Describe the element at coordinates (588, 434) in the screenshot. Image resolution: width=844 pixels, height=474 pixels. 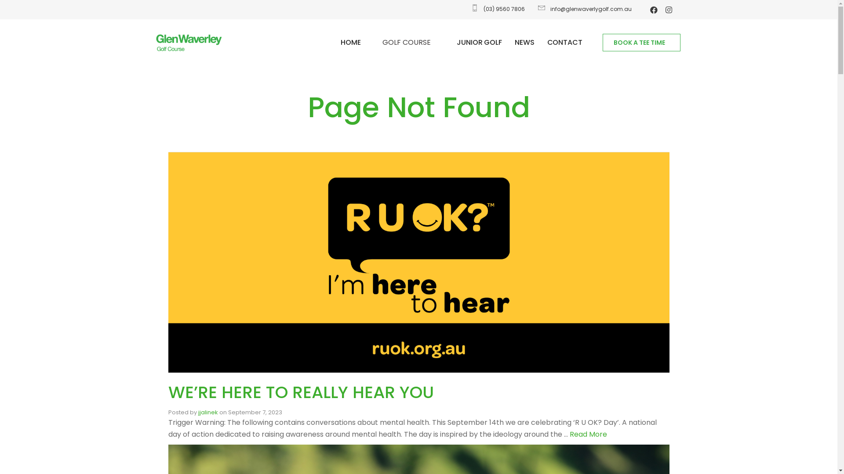
I see `'Read More'` at that location.